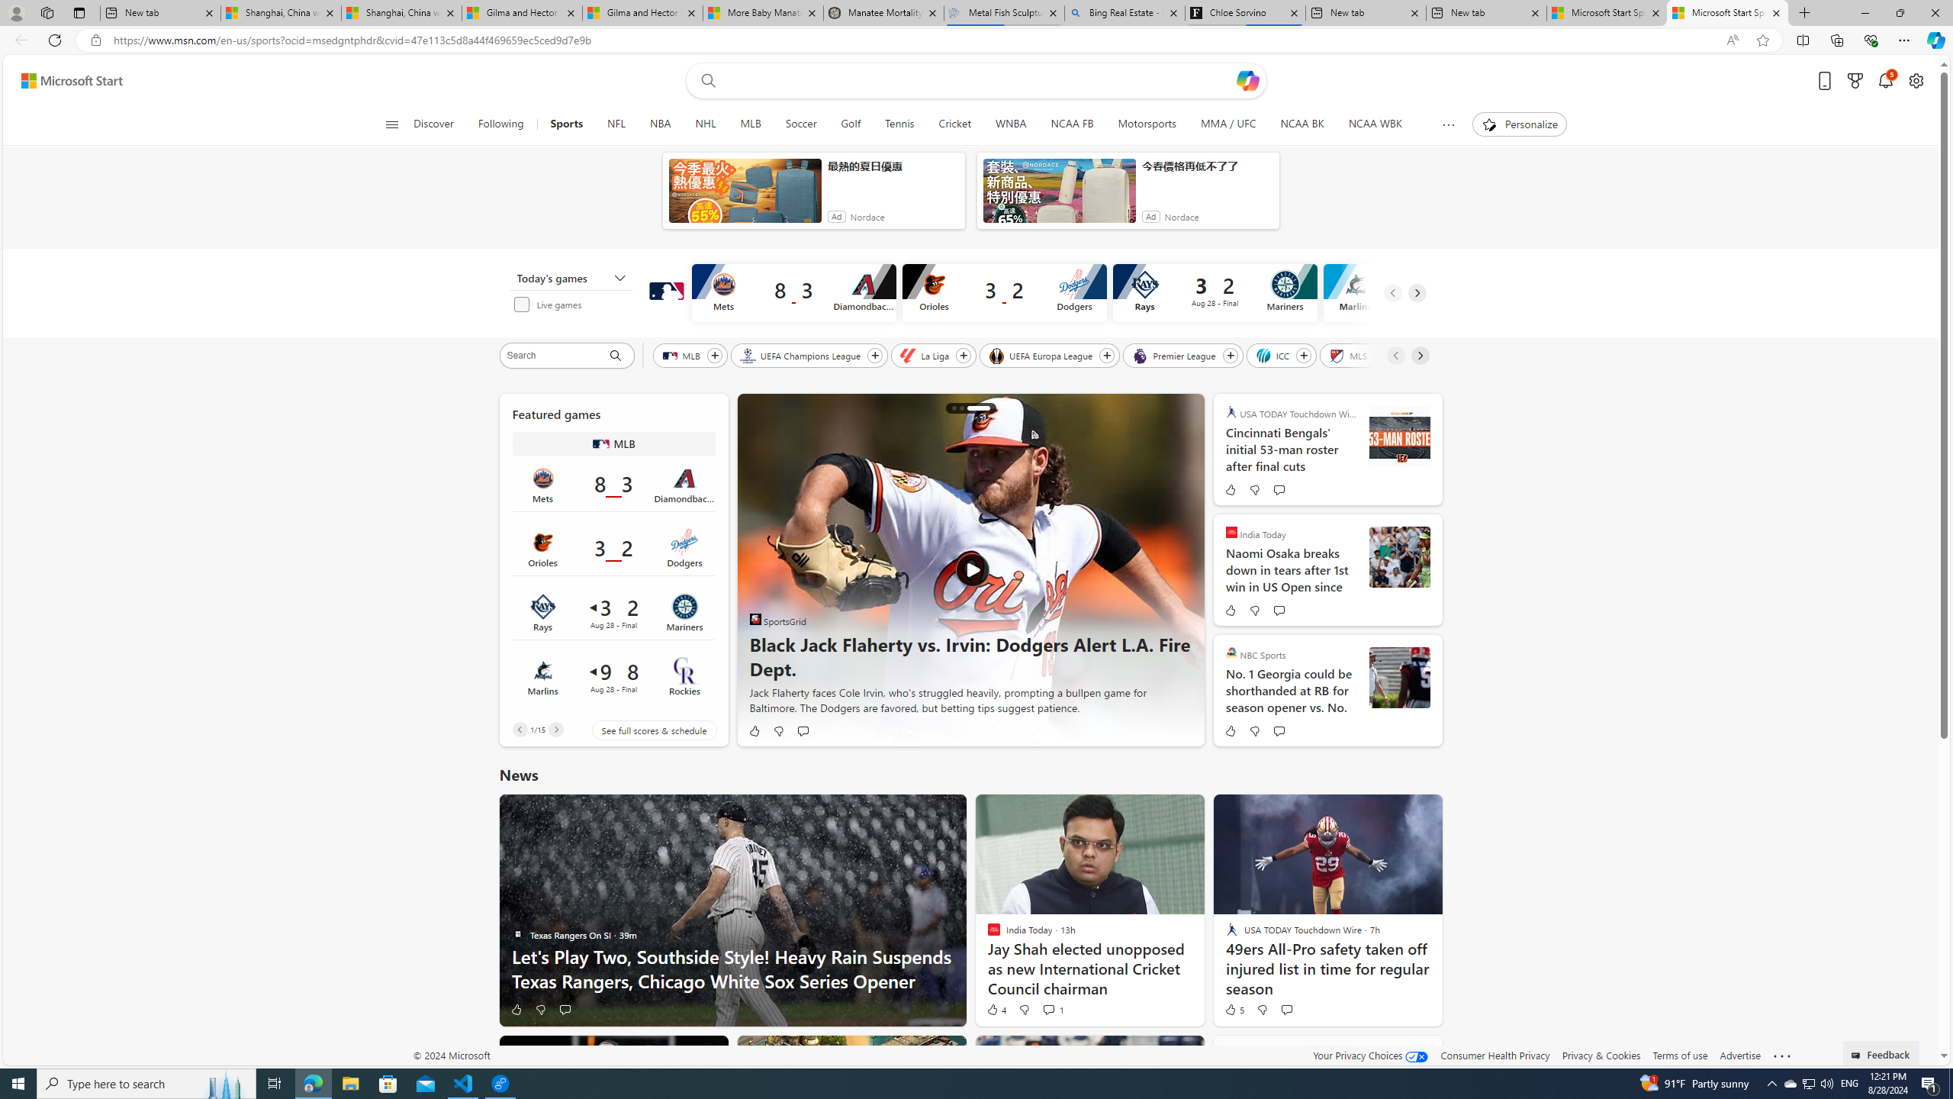 The image size is (1953, 1099). Describe the element at coordinates (1229, 356) in the screenshot. I see `'Follow Premier League'` at that location.